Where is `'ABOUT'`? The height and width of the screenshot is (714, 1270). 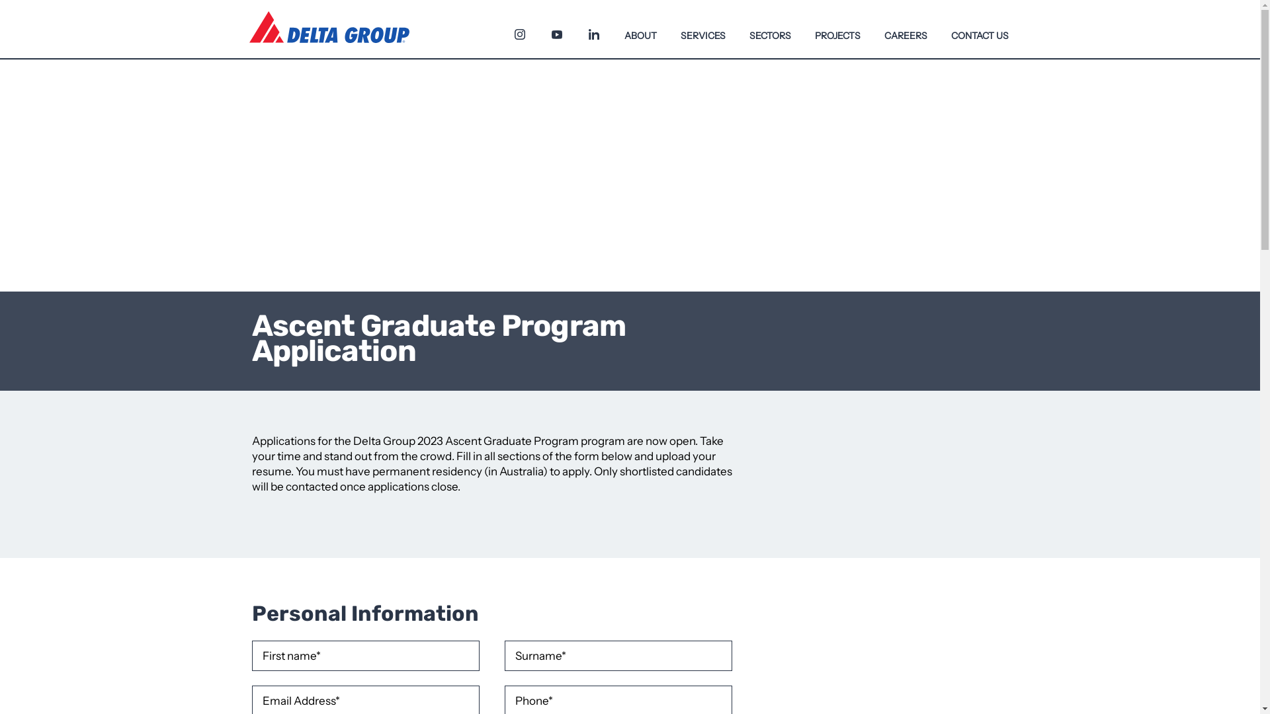 'ABOUT' is located at coordinates (640, 28).